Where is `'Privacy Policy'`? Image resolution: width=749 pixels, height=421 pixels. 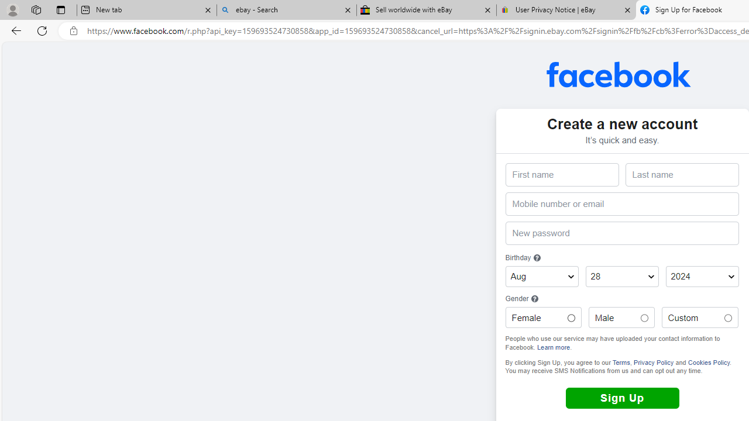
'Privacy Policy' is located at coordinates (652, 361).